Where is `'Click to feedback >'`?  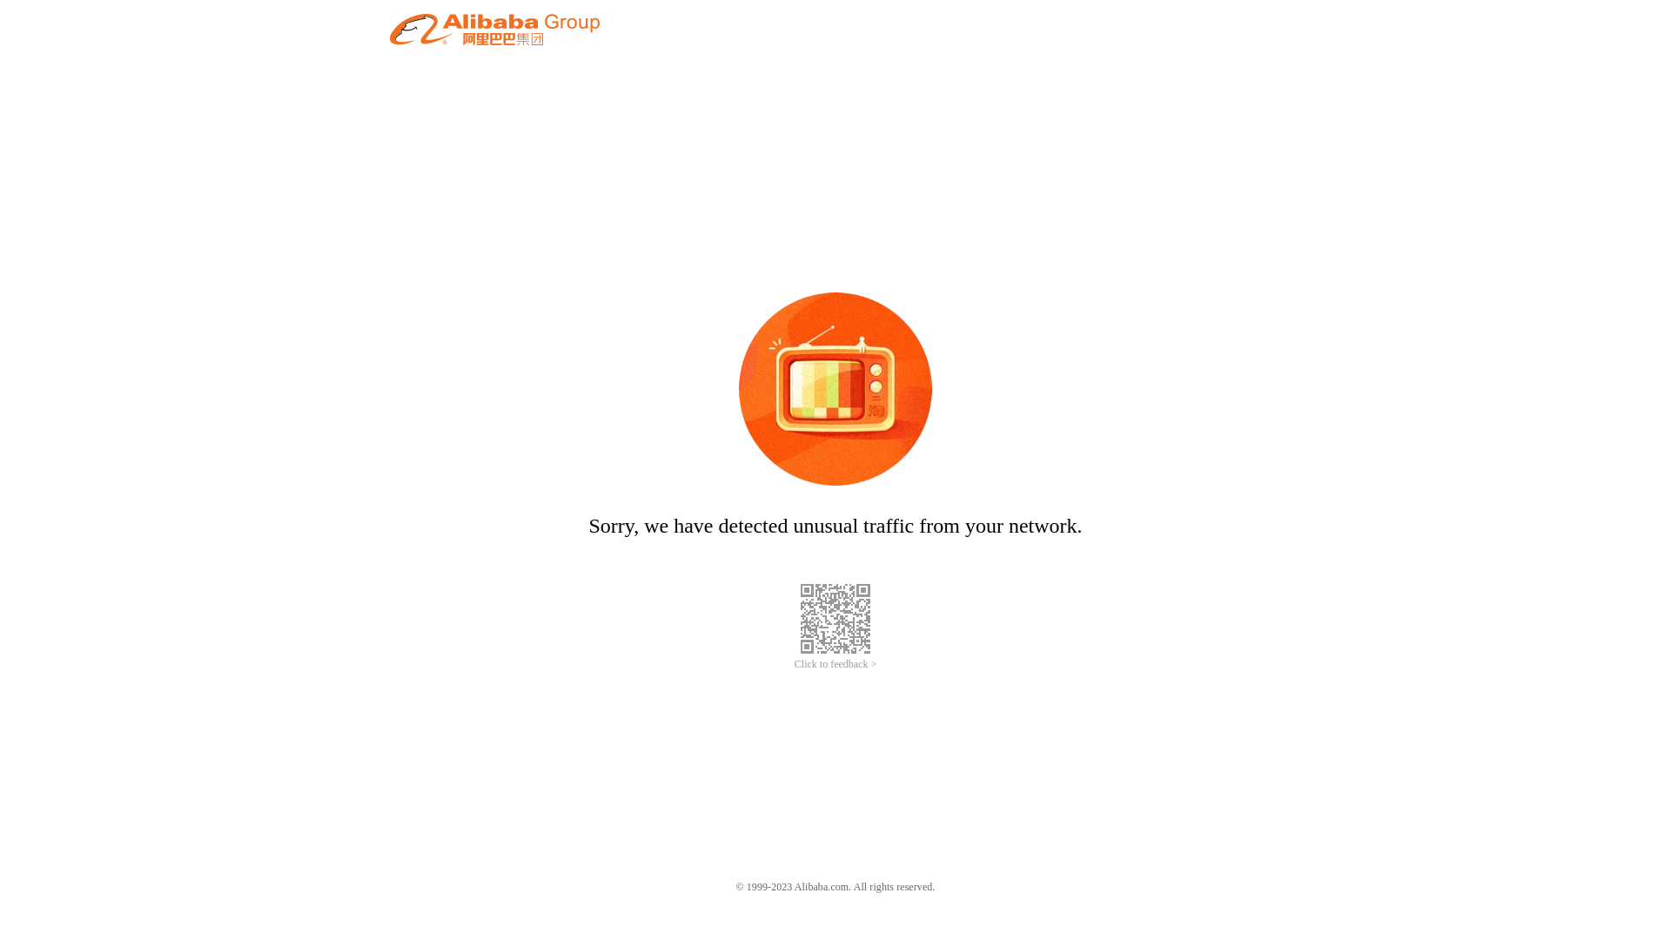 'Click to feedback >' is located at coordinates (793, 664).